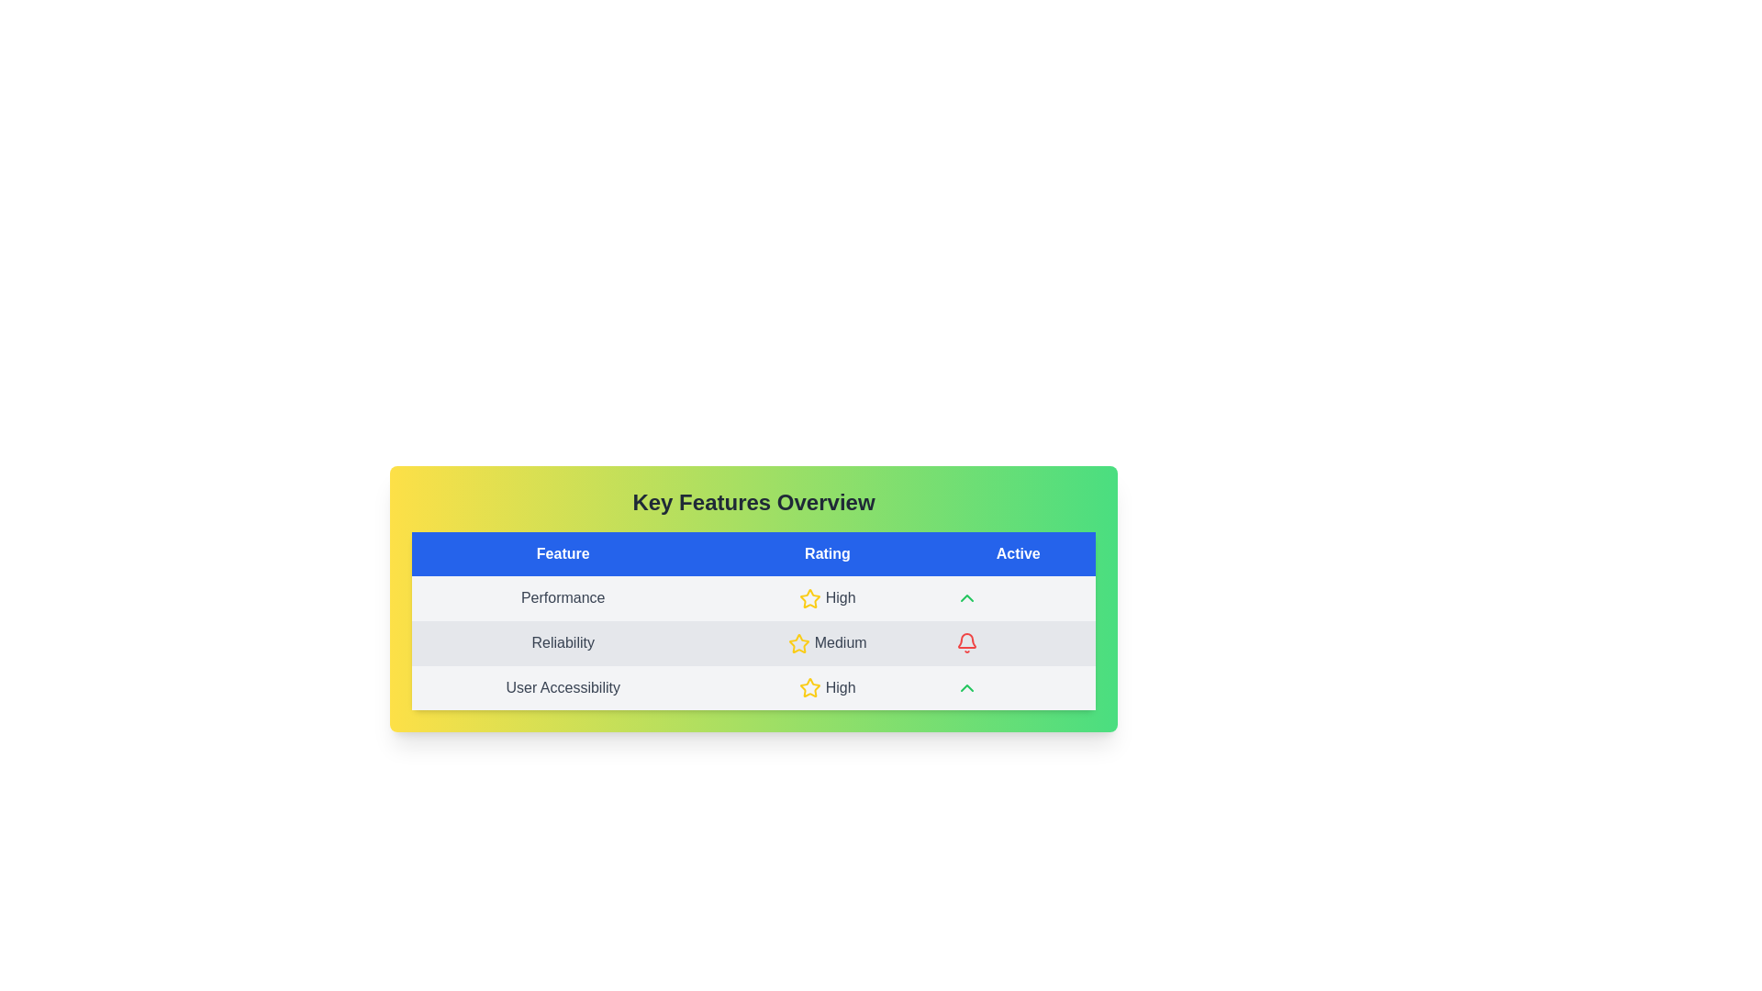  I want to click on the 'Performance' text label in the 'Key Features Overview' table, which is located in the first column of the first data row, aligned leftmost under the 'Feature' header, so click(562, 598).